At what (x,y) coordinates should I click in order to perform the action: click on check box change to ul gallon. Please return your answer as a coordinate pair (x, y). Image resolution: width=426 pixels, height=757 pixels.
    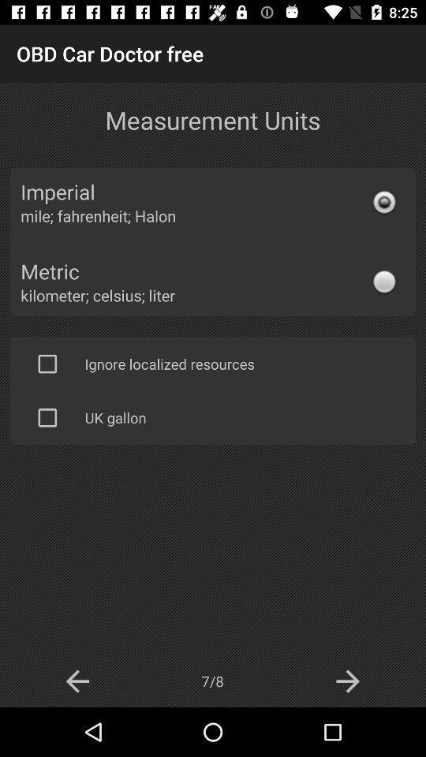
    Looking at the image, I should click on (47, 416).